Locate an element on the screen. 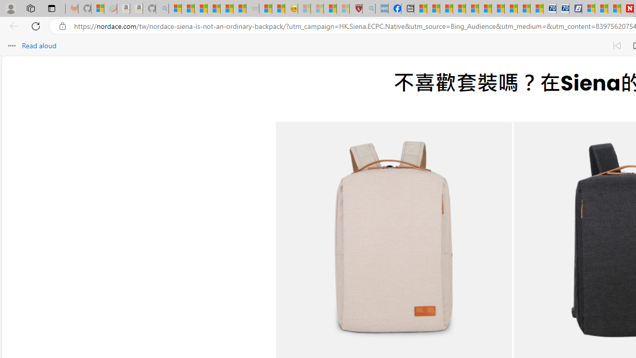 Image resolution: width=636 pixels, height=358 pixels. 'Cheap Hotels - Save70.com' is located at coordinates (562, 8).